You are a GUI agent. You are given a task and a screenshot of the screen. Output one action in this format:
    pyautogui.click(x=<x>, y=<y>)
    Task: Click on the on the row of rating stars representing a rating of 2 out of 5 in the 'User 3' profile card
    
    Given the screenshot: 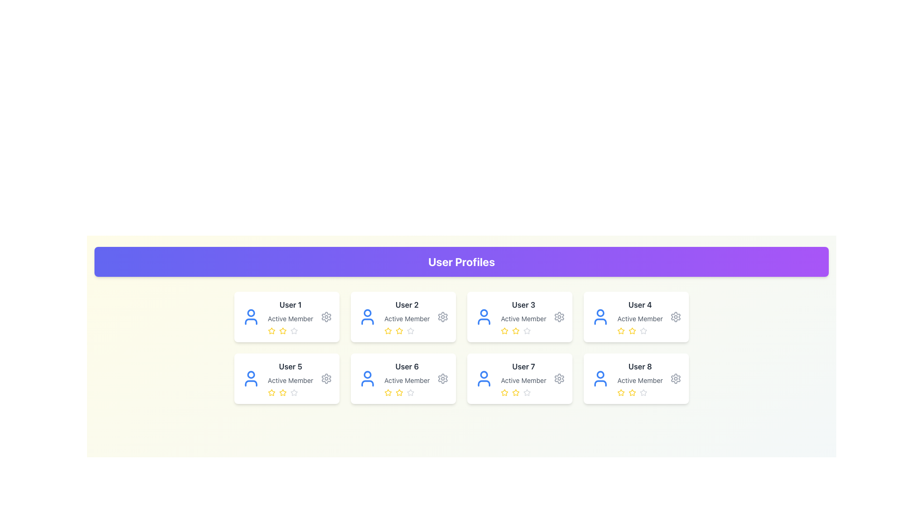 What is the action you would take?
    pyautogui.click(x=523, y=331)
    